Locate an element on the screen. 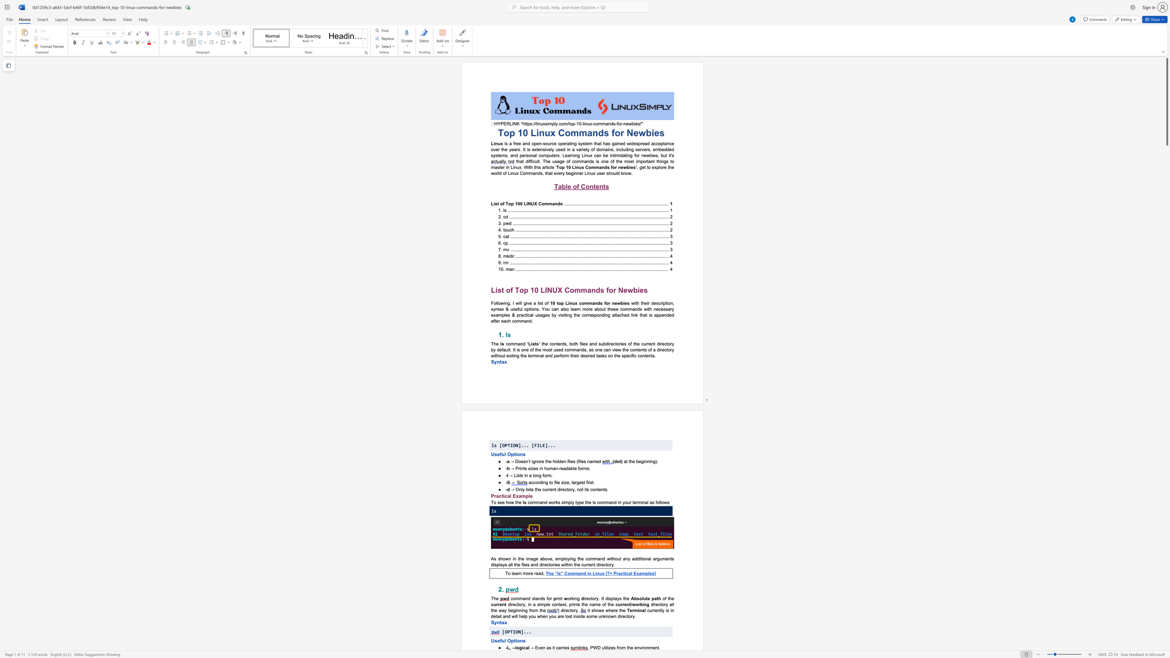  the subset text "-readable" within the text "→ Prints sizes in human-readable forms." is located at coordinates (558, 468).